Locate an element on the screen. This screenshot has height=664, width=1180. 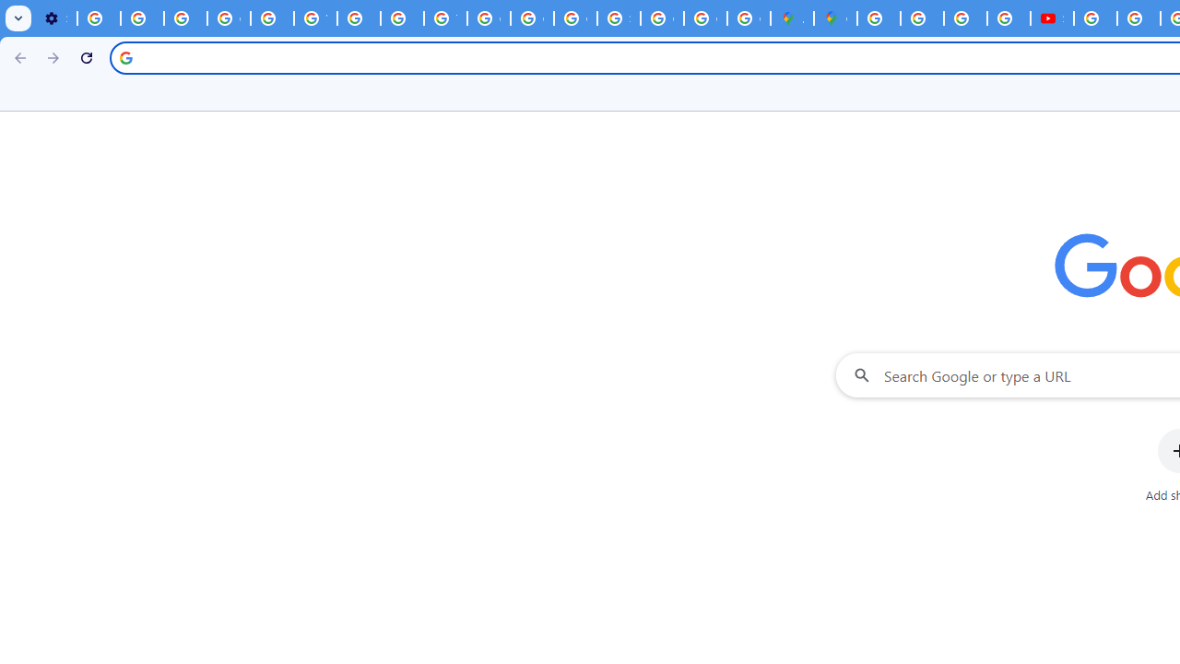
'How Chrome protects your passwords - Google Chrome Help' is located at coordinates (1095, 18).